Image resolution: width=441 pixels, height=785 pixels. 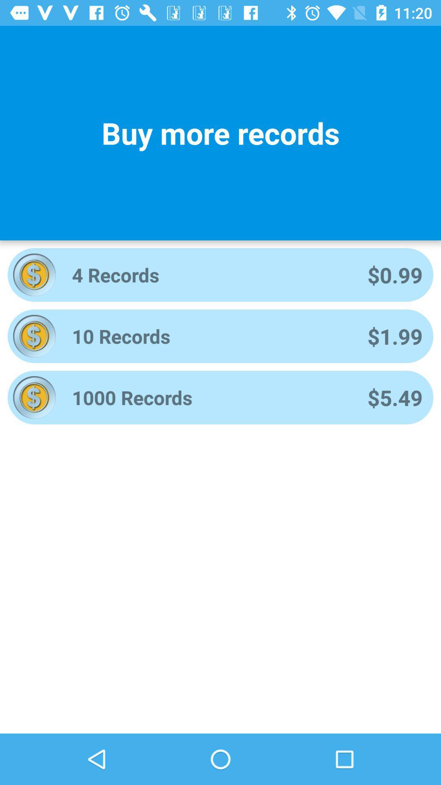 I want to click on the icon next to $0.99 item, so click(x=208, y=275).